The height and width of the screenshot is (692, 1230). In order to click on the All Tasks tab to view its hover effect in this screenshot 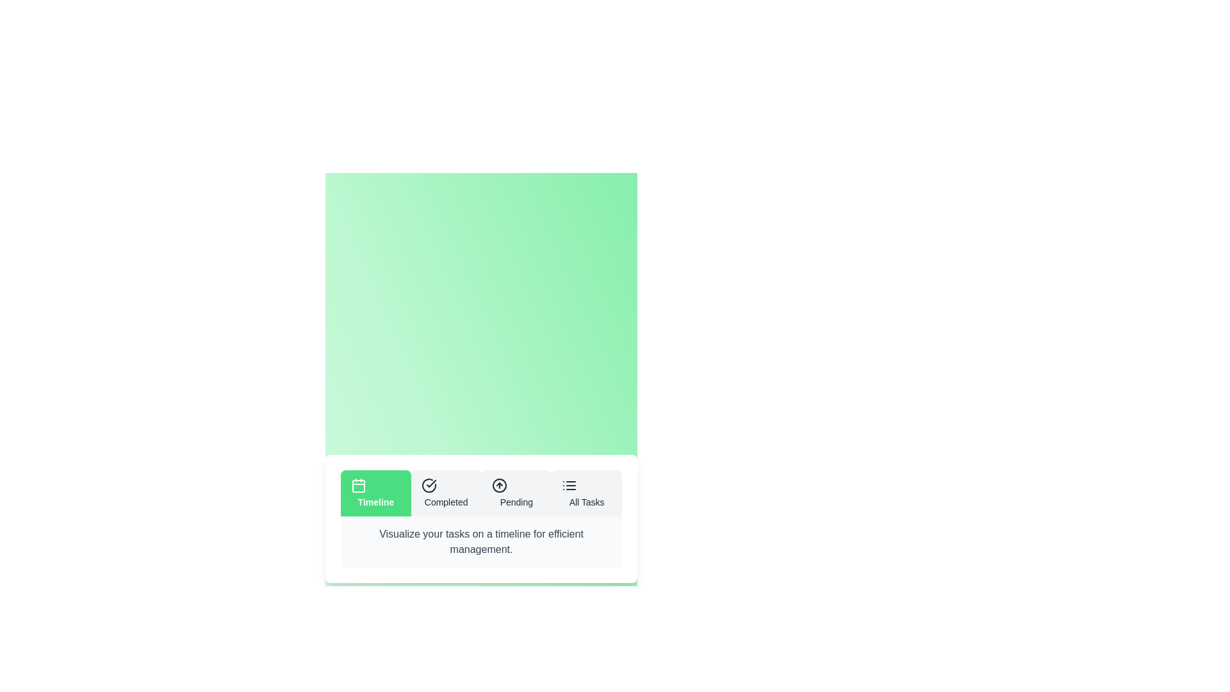, I will do `click(586, 493)`.